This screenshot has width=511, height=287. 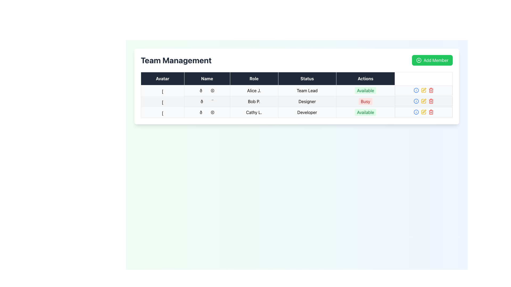 I want to click on the red trash bin icon located in the last column under 'Actions' in the third row of the user information table, so click(x=431, y=112).